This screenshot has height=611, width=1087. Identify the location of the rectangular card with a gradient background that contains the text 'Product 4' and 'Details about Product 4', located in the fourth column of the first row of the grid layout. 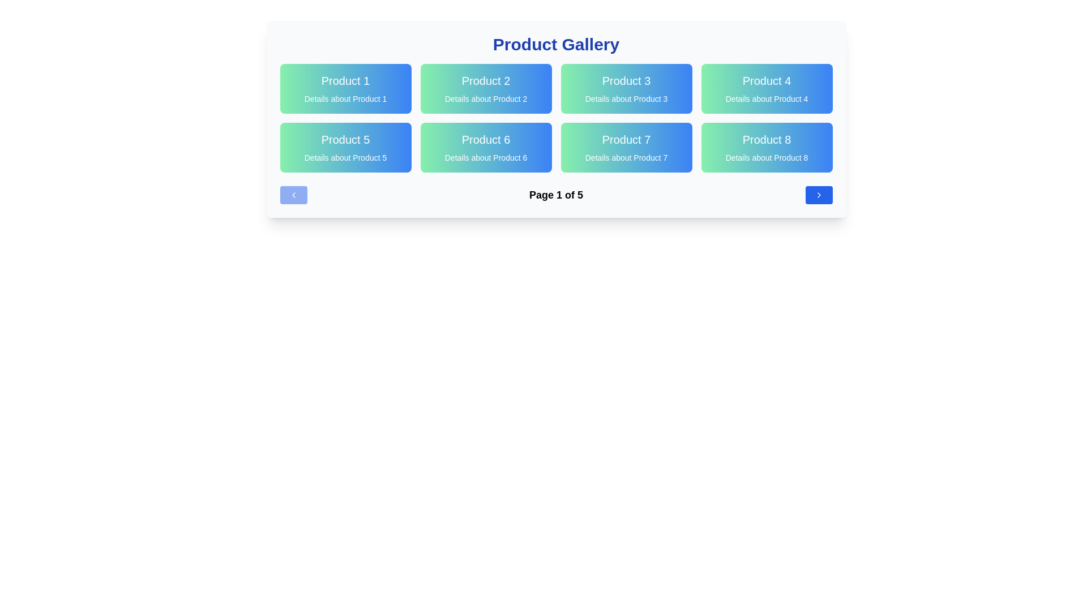
(767, 88).